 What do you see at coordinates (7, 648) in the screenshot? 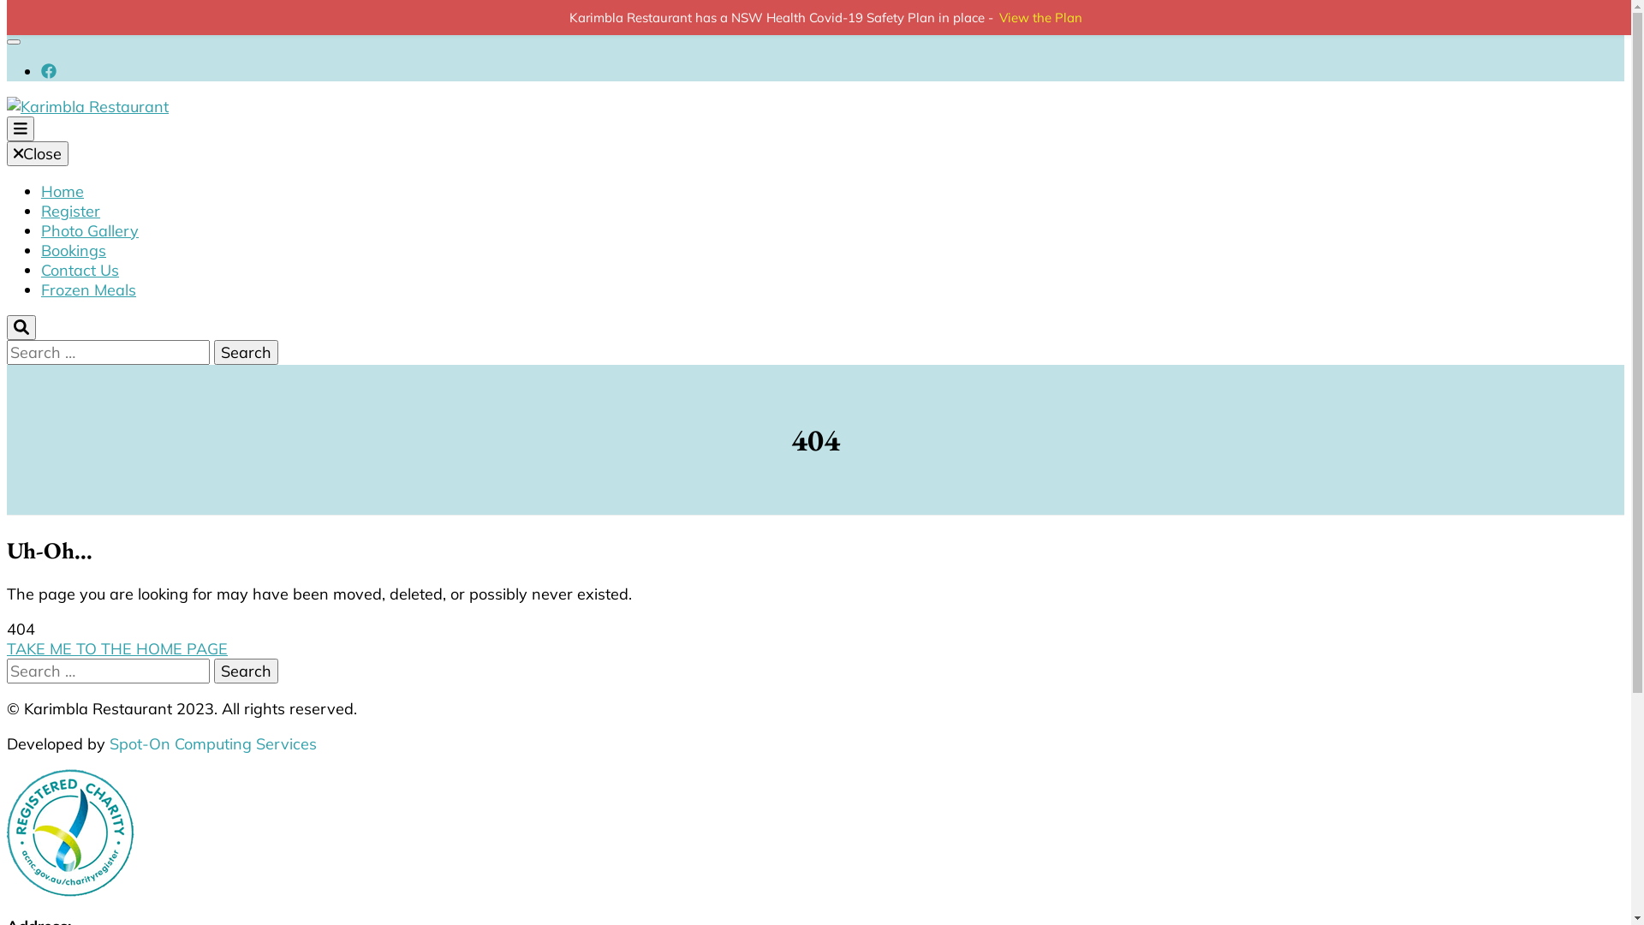
I see `'TAKE ME TO THE HOME PAGE'` at bounding box center [7, 648].